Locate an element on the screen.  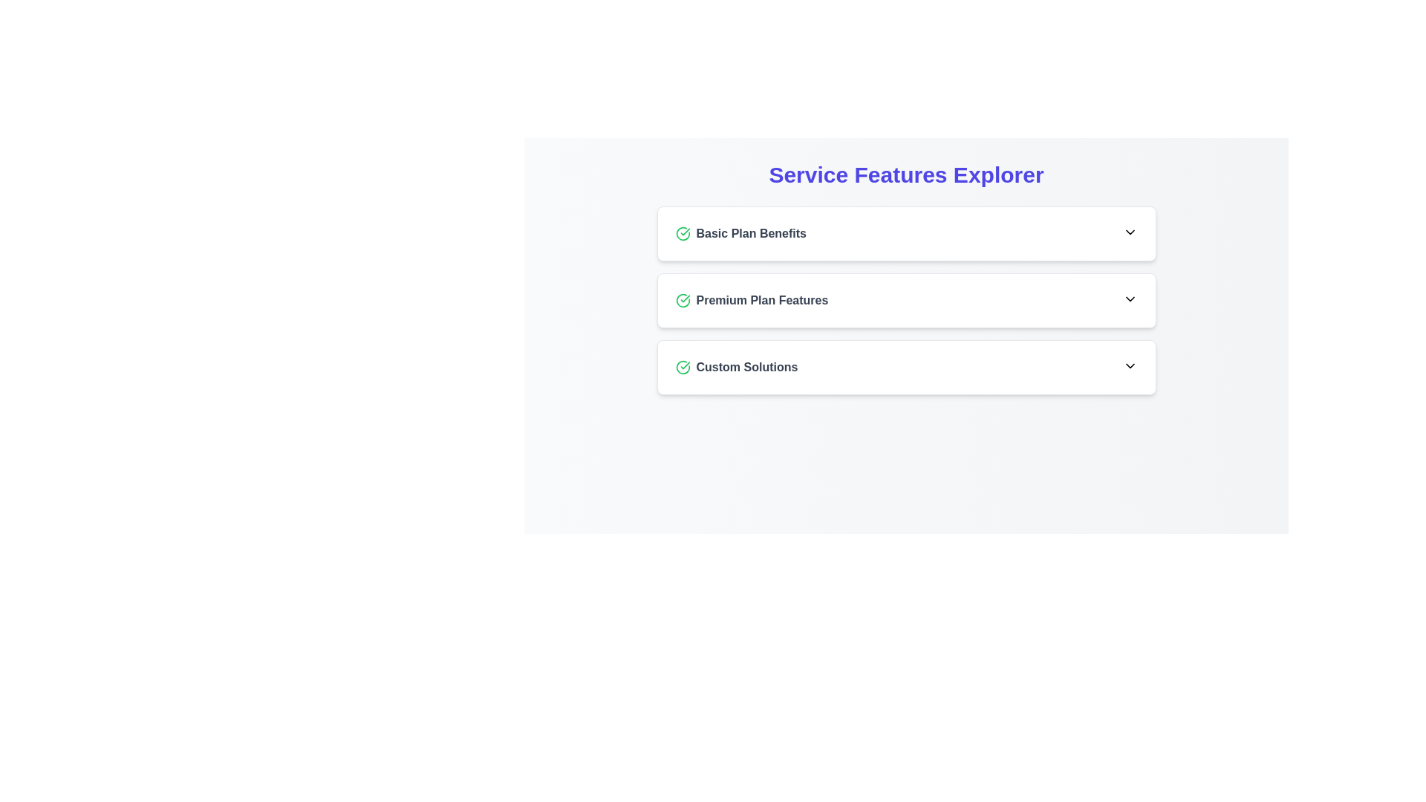
the chevron-down icon located at the right side of the 'Basic Plan Benefits' text is located at coordinates (1129, 232).